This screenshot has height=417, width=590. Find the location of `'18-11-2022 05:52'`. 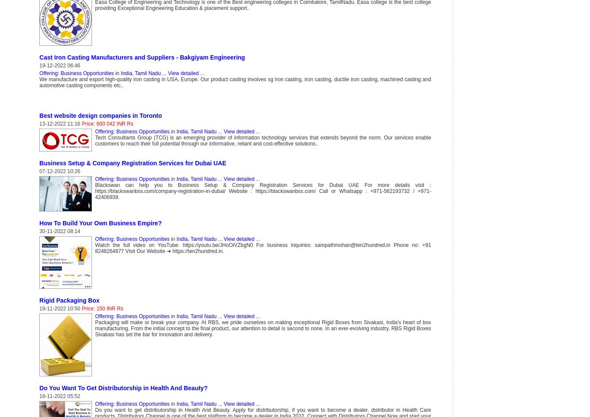

'18-11-2022 05:52' is located at coordinates (59, 395).